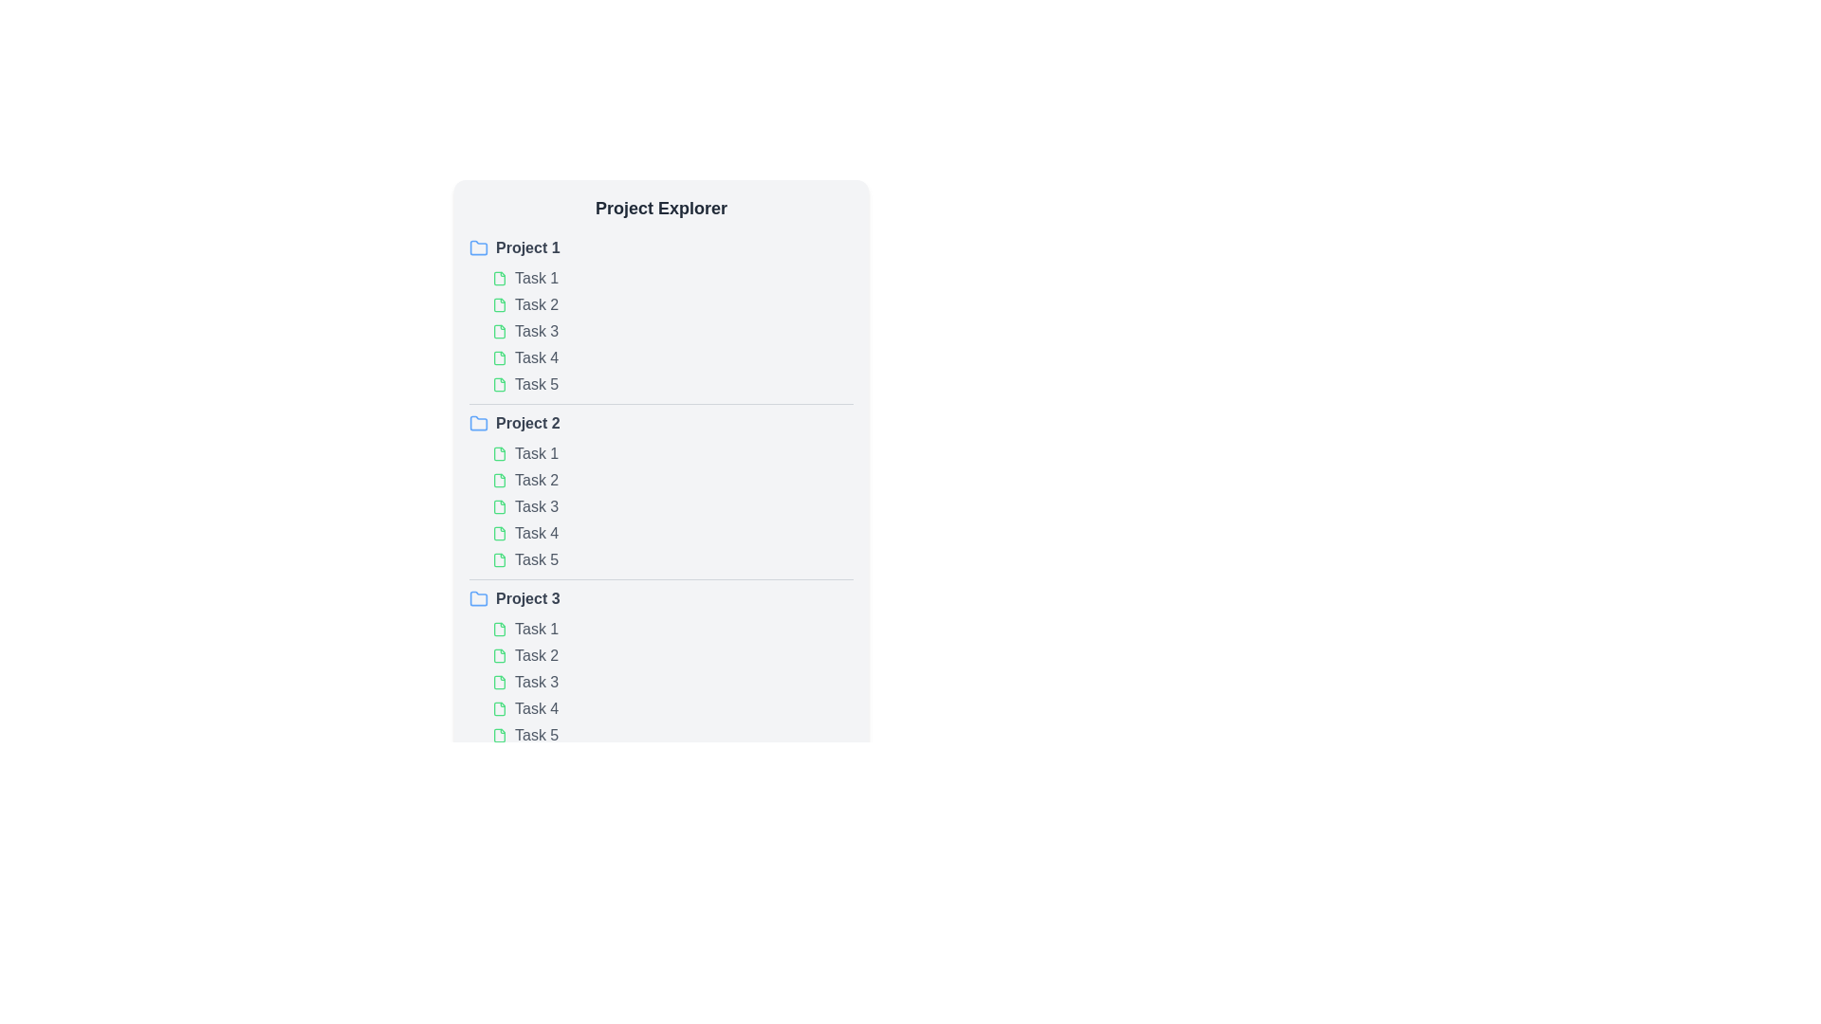 Image resolution: width=1821 pixels, height=1024 pixels. What do you see at coordinates (500, 558) in the screenshot?
I see `the icon representing 'Task 5' which is the leftmost element in the row under Project 2` at bounding box center [500, 558].